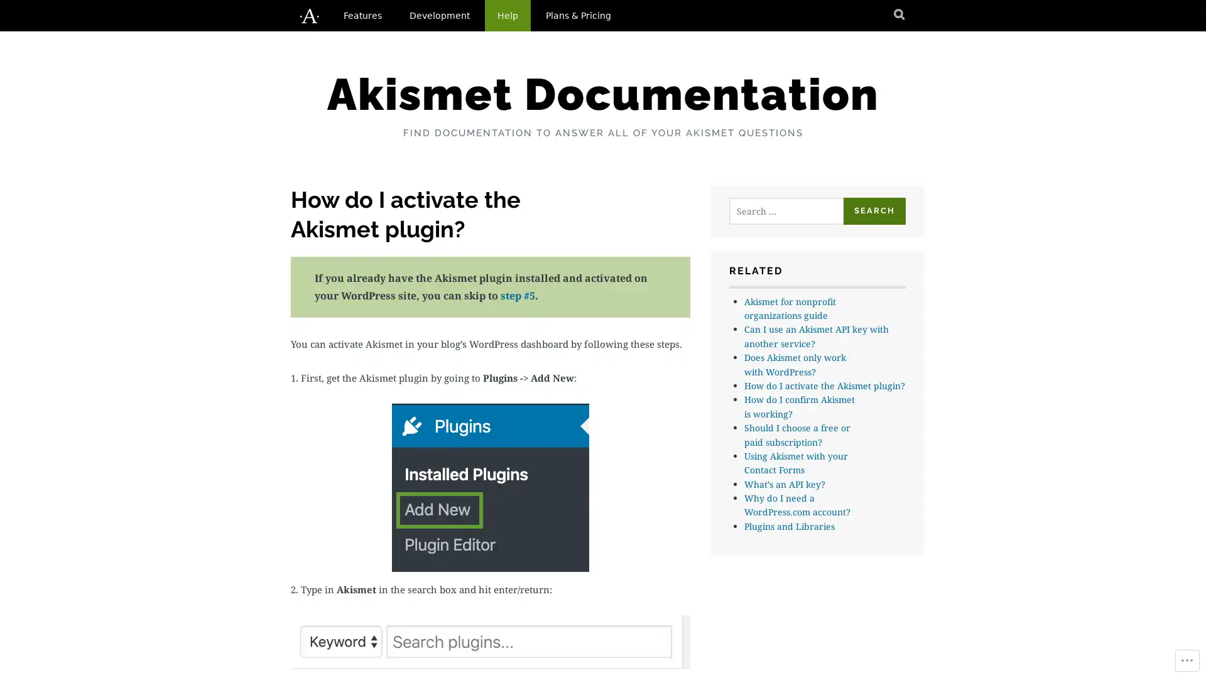 The width and height of the screenshot is (1206, 678). I want to click on Search, so click(874, 210).